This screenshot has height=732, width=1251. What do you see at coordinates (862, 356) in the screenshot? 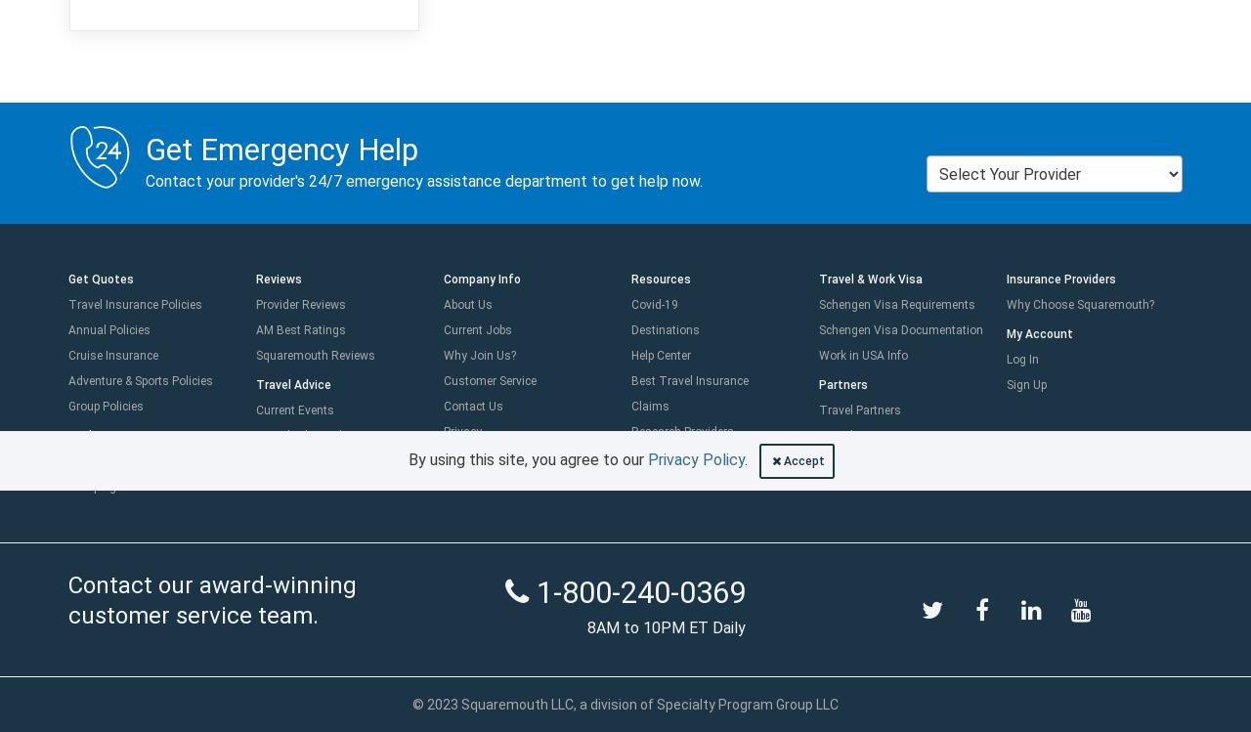
I see `'Work in USA Info'` at bounding box center [862, 356].